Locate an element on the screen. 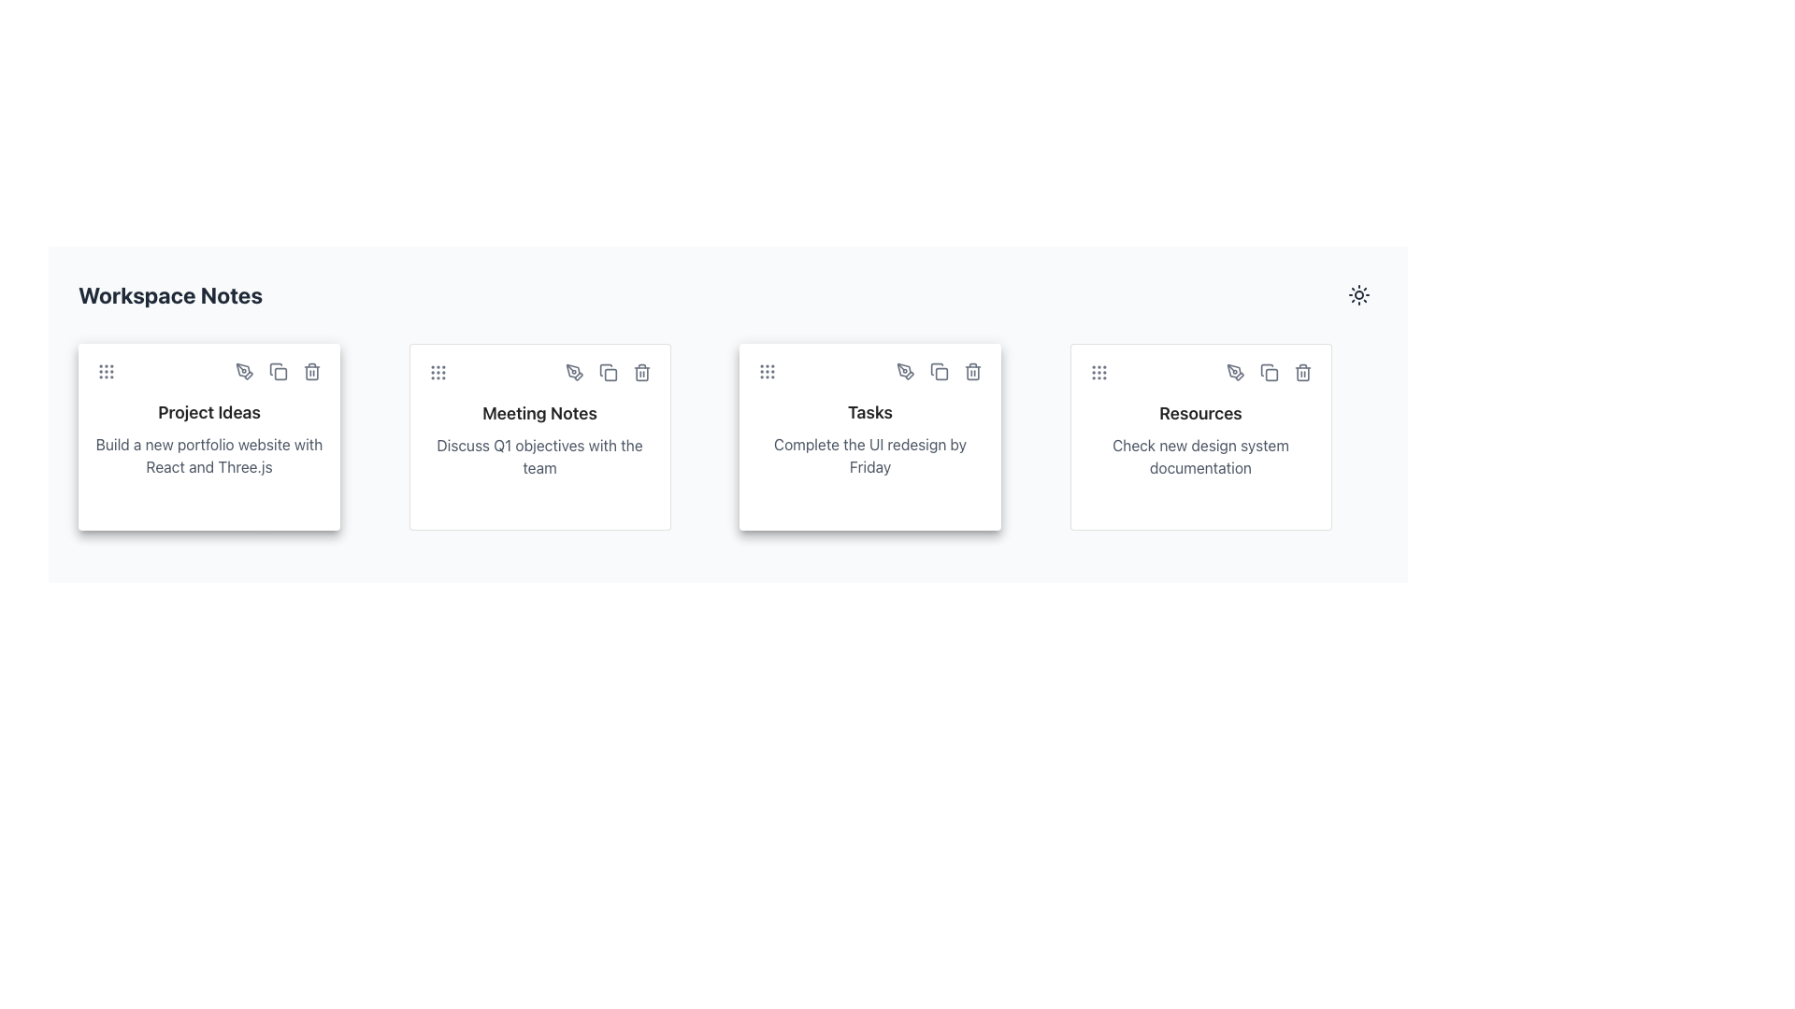  the edit icon button located in the top-right corner of the 'Resources' card is located at coordinates (1235, 372).